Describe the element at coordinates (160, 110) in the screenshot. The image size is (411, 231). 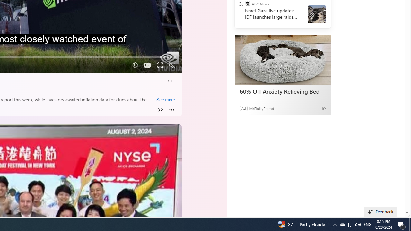
I see `'Share'` at that location.